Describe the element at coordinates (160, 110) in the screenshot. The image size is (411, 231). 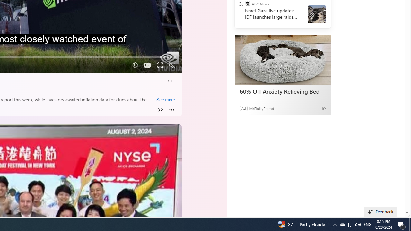
I see `'Share'` at that location.